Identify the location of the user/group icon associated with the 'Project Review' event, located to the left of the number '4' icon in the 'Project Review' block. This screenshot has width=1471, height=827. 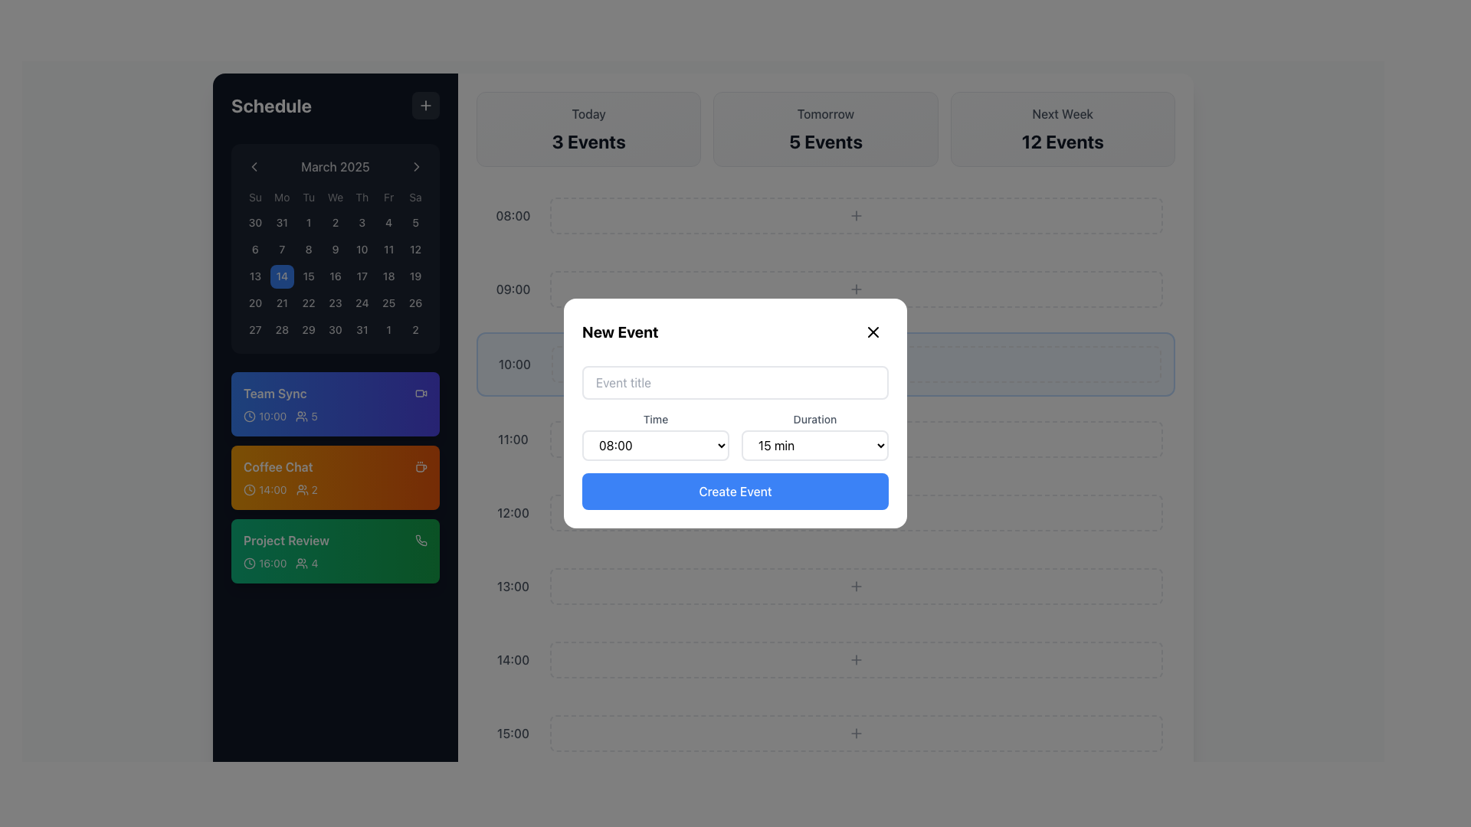
(302, 564).